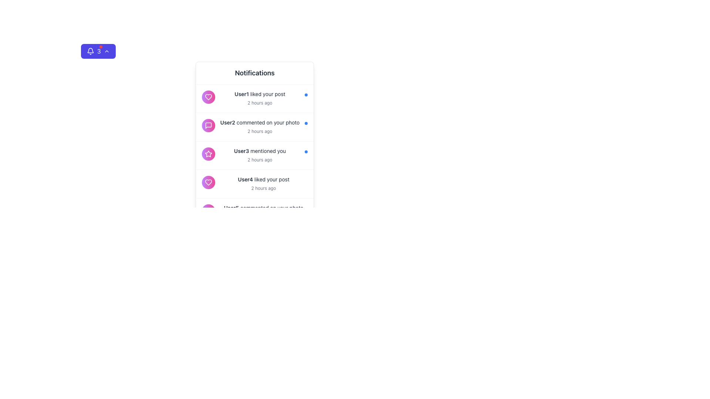  What do you see at coordinates (255, 73) in the screenshot?
I see `the text label that serves as the header for the notifications section, located at the top of the notifications dropdown panel` at bounding box center [255, 73].